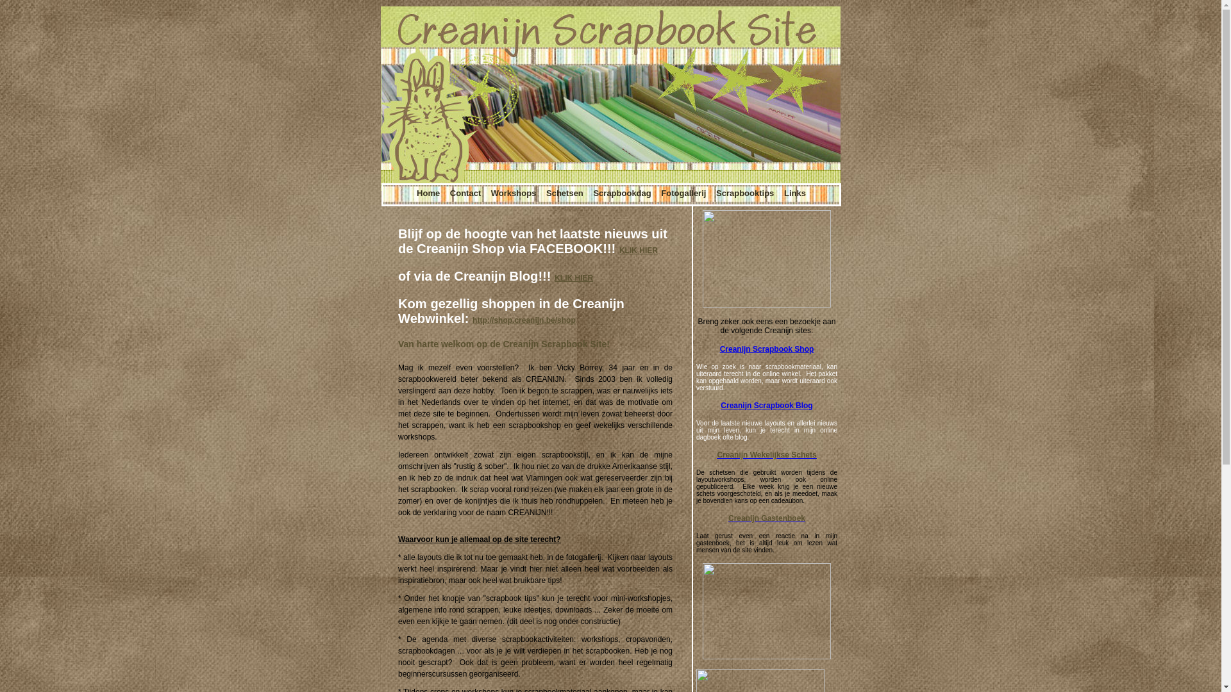  I want to click on 'Creanijn Gastenboek', so click(728, 518).